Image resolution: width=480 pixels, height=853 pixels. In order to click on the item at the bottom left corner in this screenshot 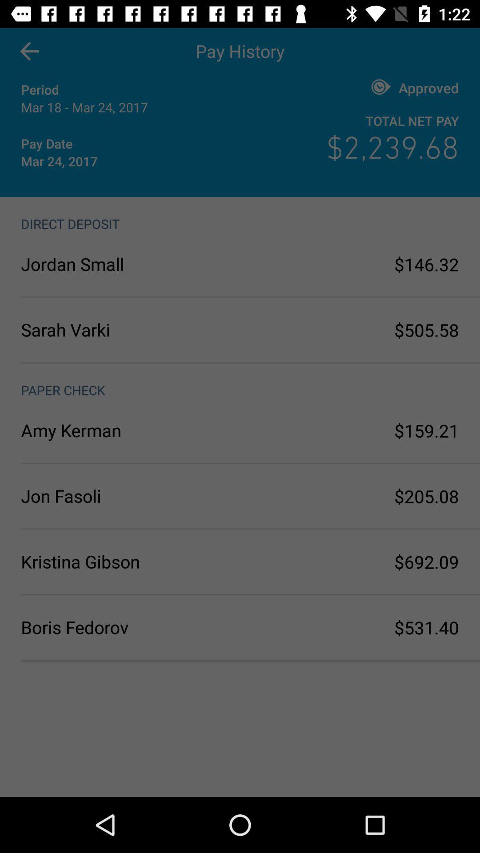, I will do `click(130, 626)`.